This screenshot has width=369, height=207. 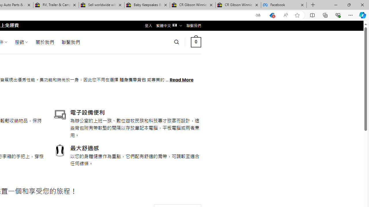 What do you see at coordinates (147, 5) in the screenshot?
I see `'Baby Keepsakes & Announcements for sale | eBay'` at bounding box center [147, 5].